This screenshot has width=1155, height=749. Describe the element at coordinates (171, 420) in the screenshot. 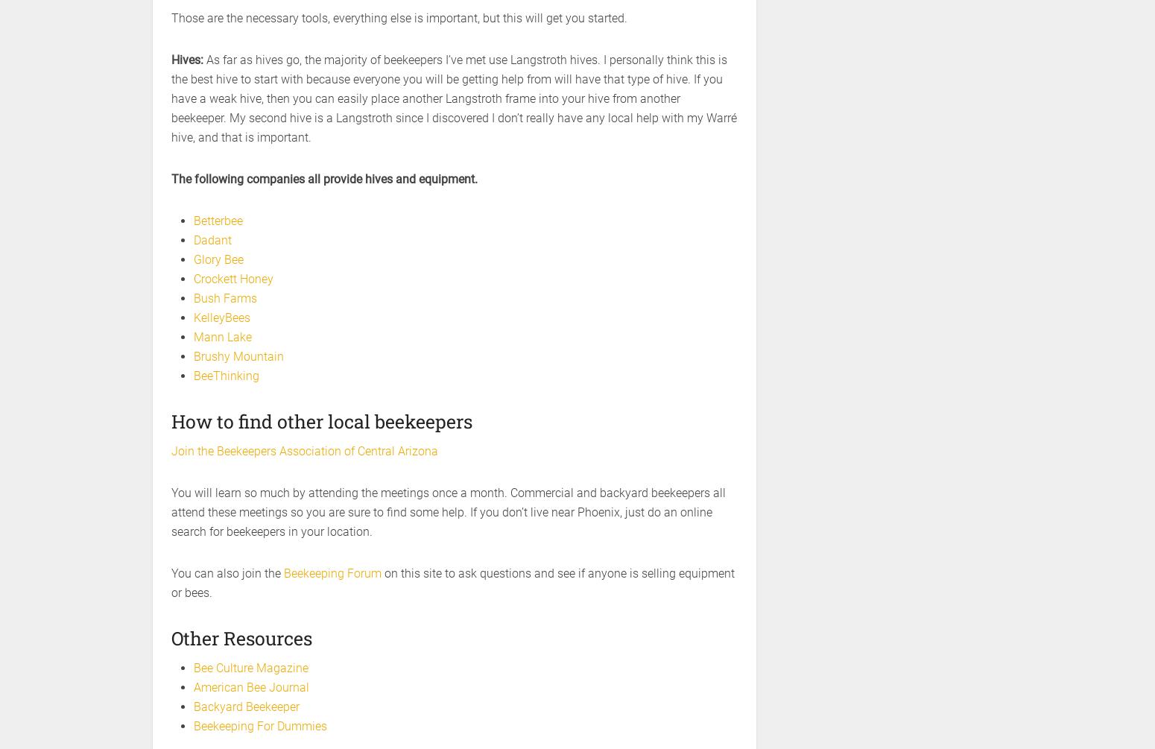

I see `'How to find other local beekeepers'` at that location.